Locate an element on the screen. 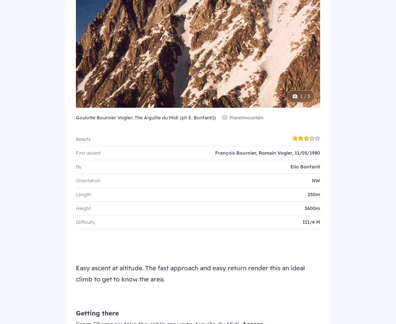 This screenshot has width=396, height=324. 'Events' is located at coordinates (76, 310).